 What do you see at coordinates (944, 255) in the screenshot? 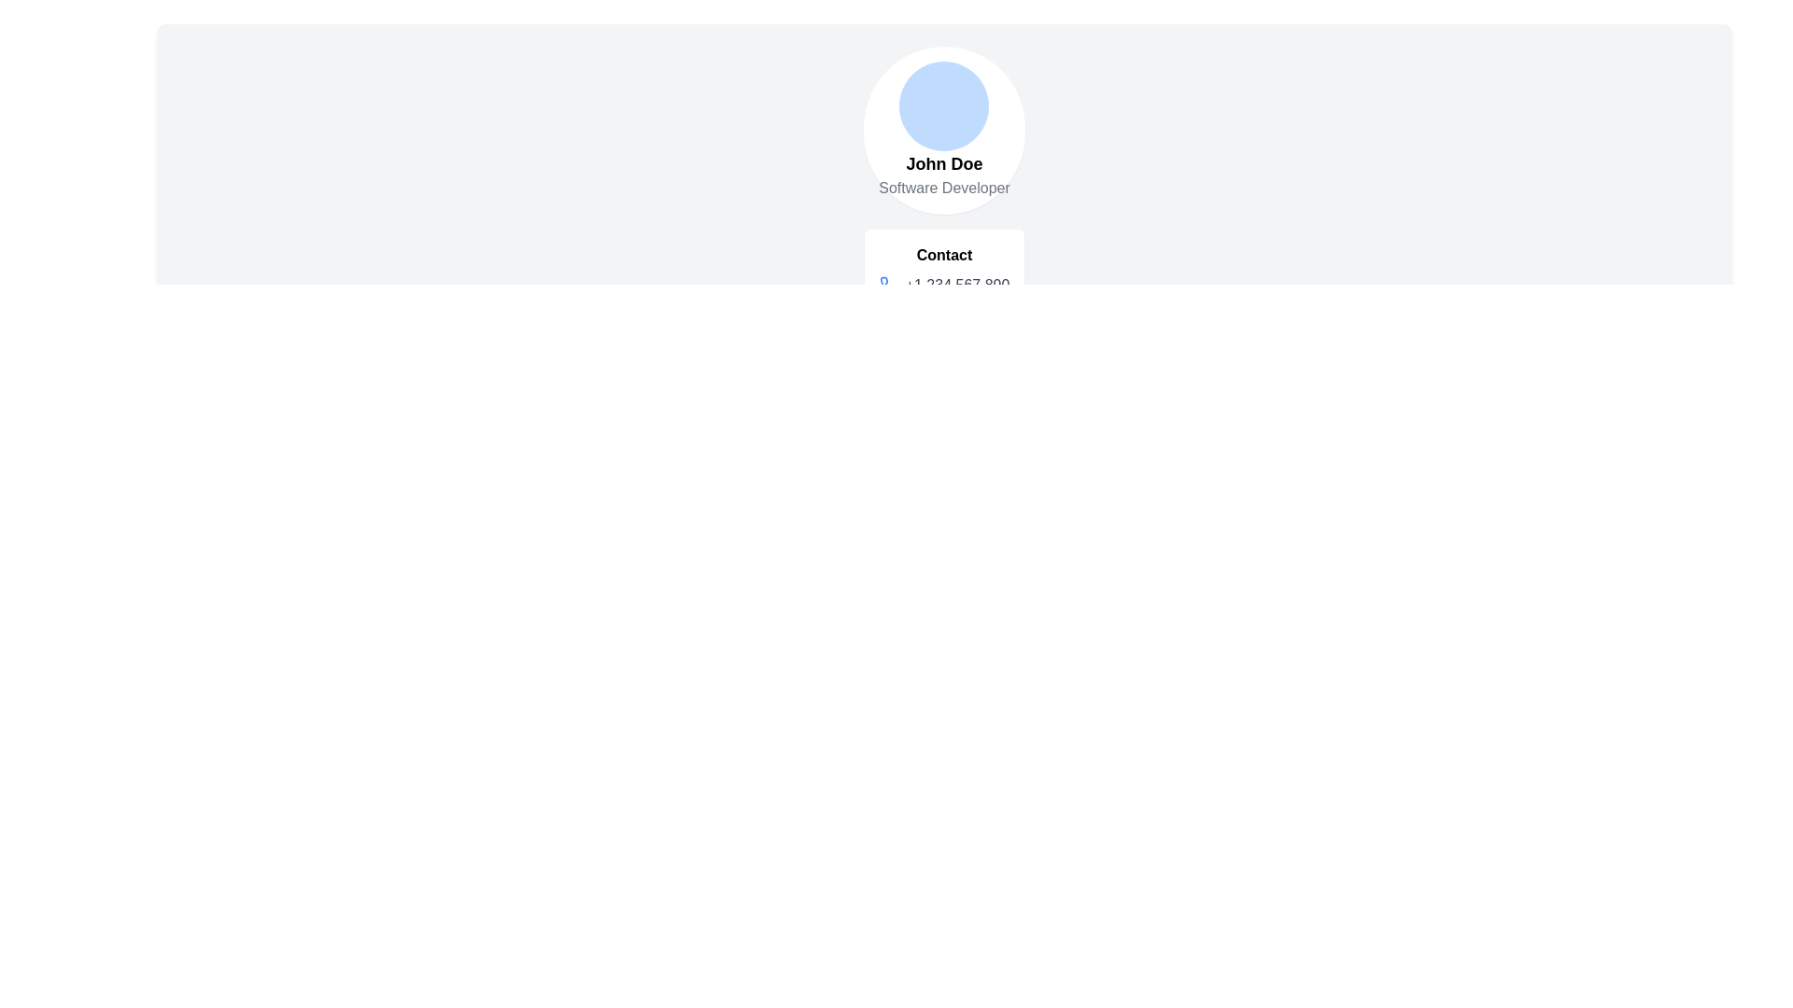
I see `the Text label that identifies the contact information section, positioned above the phone number and phone icon` at bounding box center [944, 255].